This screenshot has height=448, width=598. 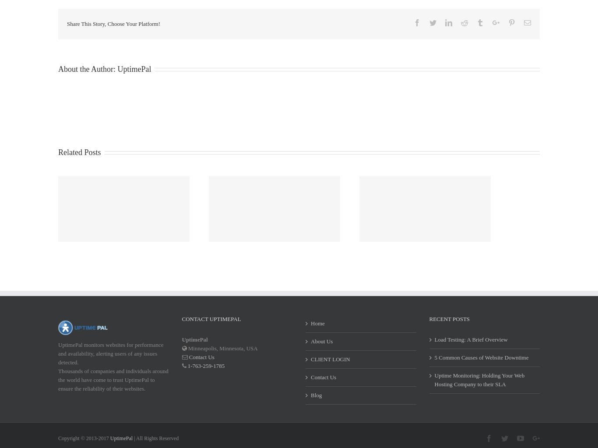 I want to click on 'UptimePal monitors websites for performance and availability, alerting users of any issues detected.', so click(x=110, y=364).